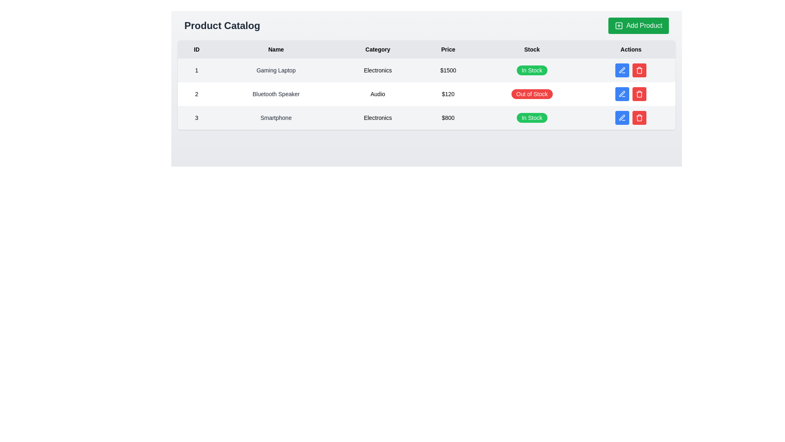  Describe the element at coordinates (532, 118) in the screenshot. I see `the Status indicator label that shows the stock status of the Smartphone, located in the 'Stock' column of the third row in the table` at that location.